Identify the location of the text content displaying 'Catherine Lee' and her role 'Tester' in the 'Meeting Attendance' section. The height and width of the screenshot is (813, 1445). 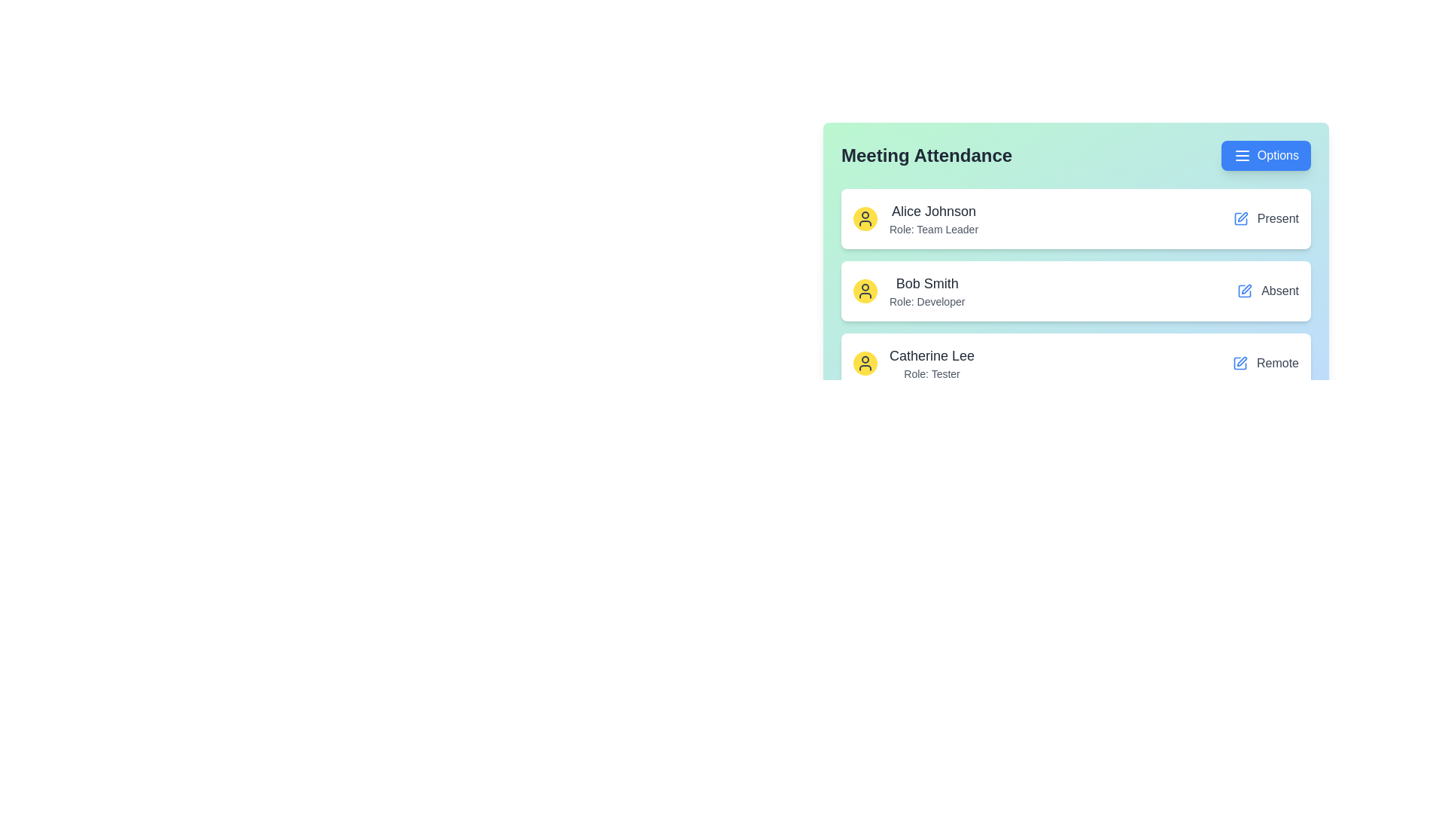
(931, 363).